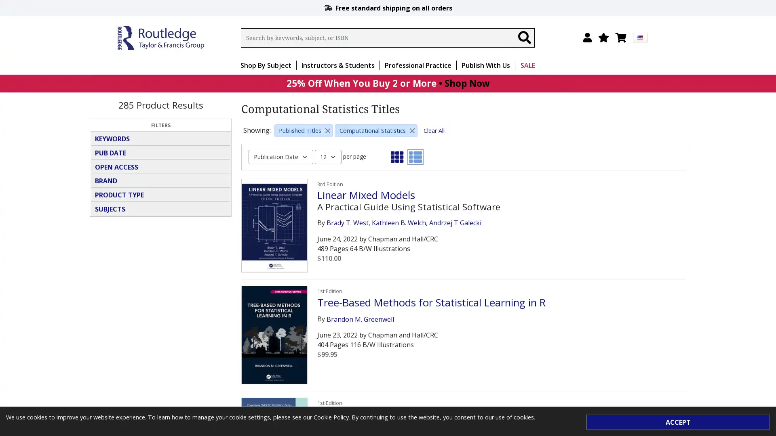 The height and width of the screenshot is (436, 776). What do you see at coordinates (160, 195) in the screenshot?
I see `PRODUCT TYPE` at bounding box center [160, 195].